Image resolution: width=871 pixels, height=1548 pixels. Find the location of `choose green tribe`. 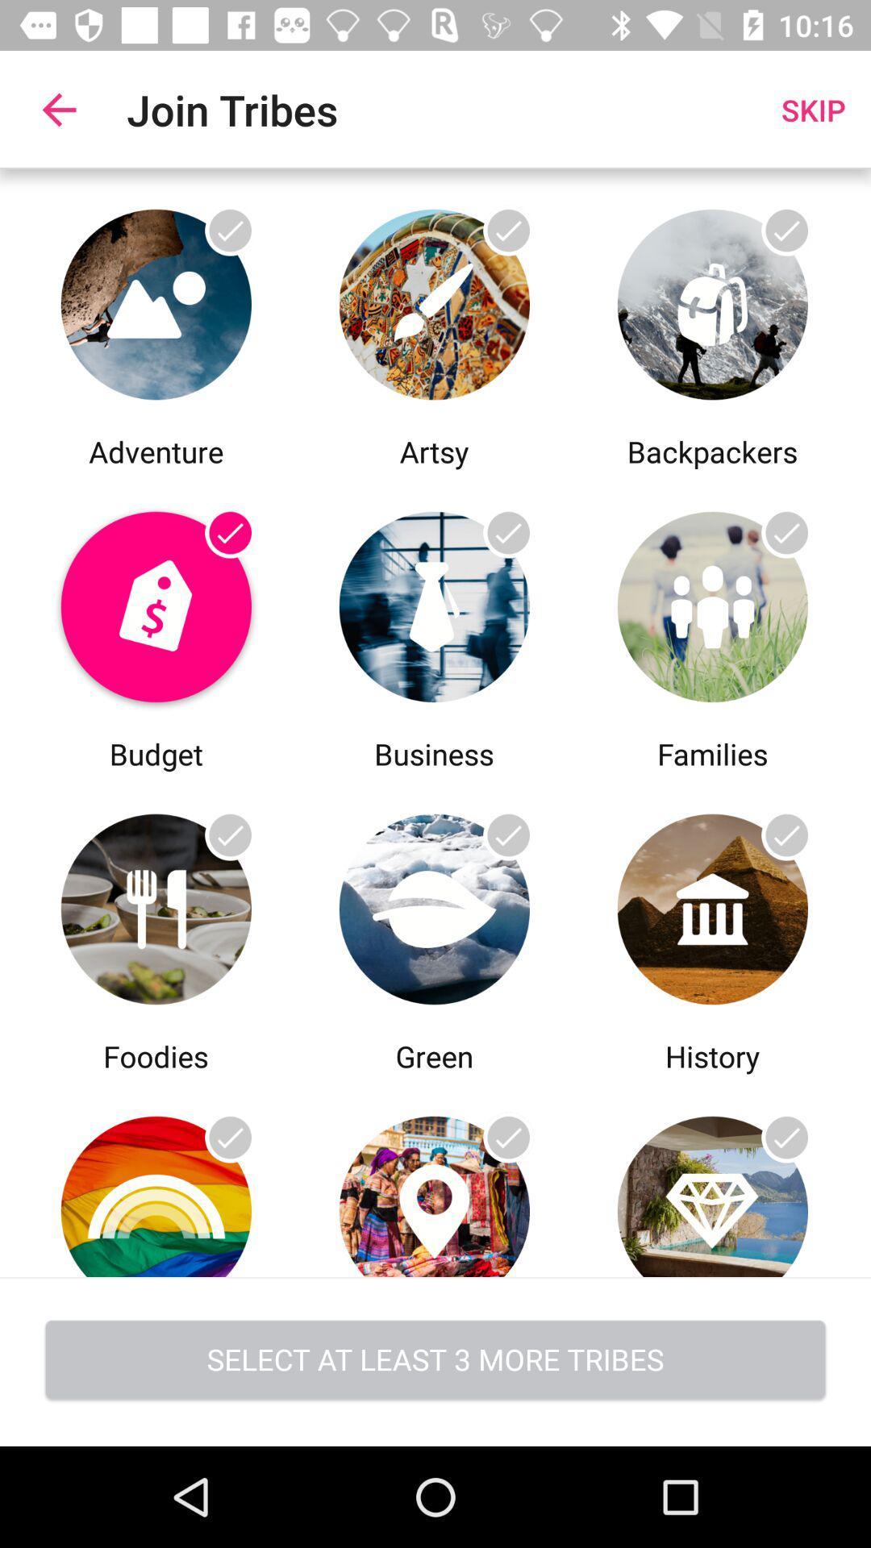

choose green tribe is located at coordinates (433, 905).